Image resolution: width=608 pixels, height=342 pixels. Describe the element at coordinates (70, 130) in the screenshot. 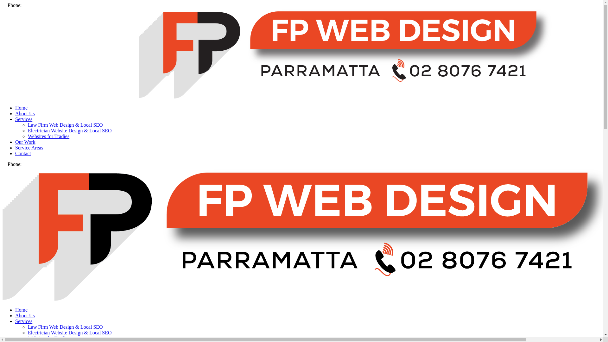

I see `'Electrician Website Design & Local SEO'` at that location.